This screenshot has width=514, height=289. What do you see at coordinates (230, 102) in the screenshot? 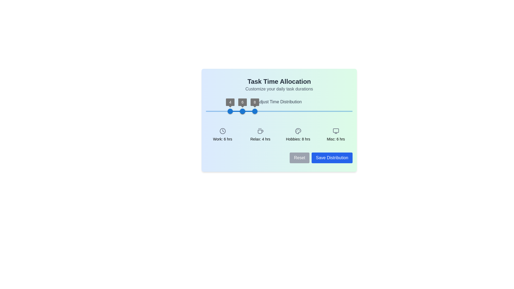
I see `the gray rectangular slider label displaying the number '4', which is centered above the leftmost thumb of the slider control` at bounding box center [230, 102].